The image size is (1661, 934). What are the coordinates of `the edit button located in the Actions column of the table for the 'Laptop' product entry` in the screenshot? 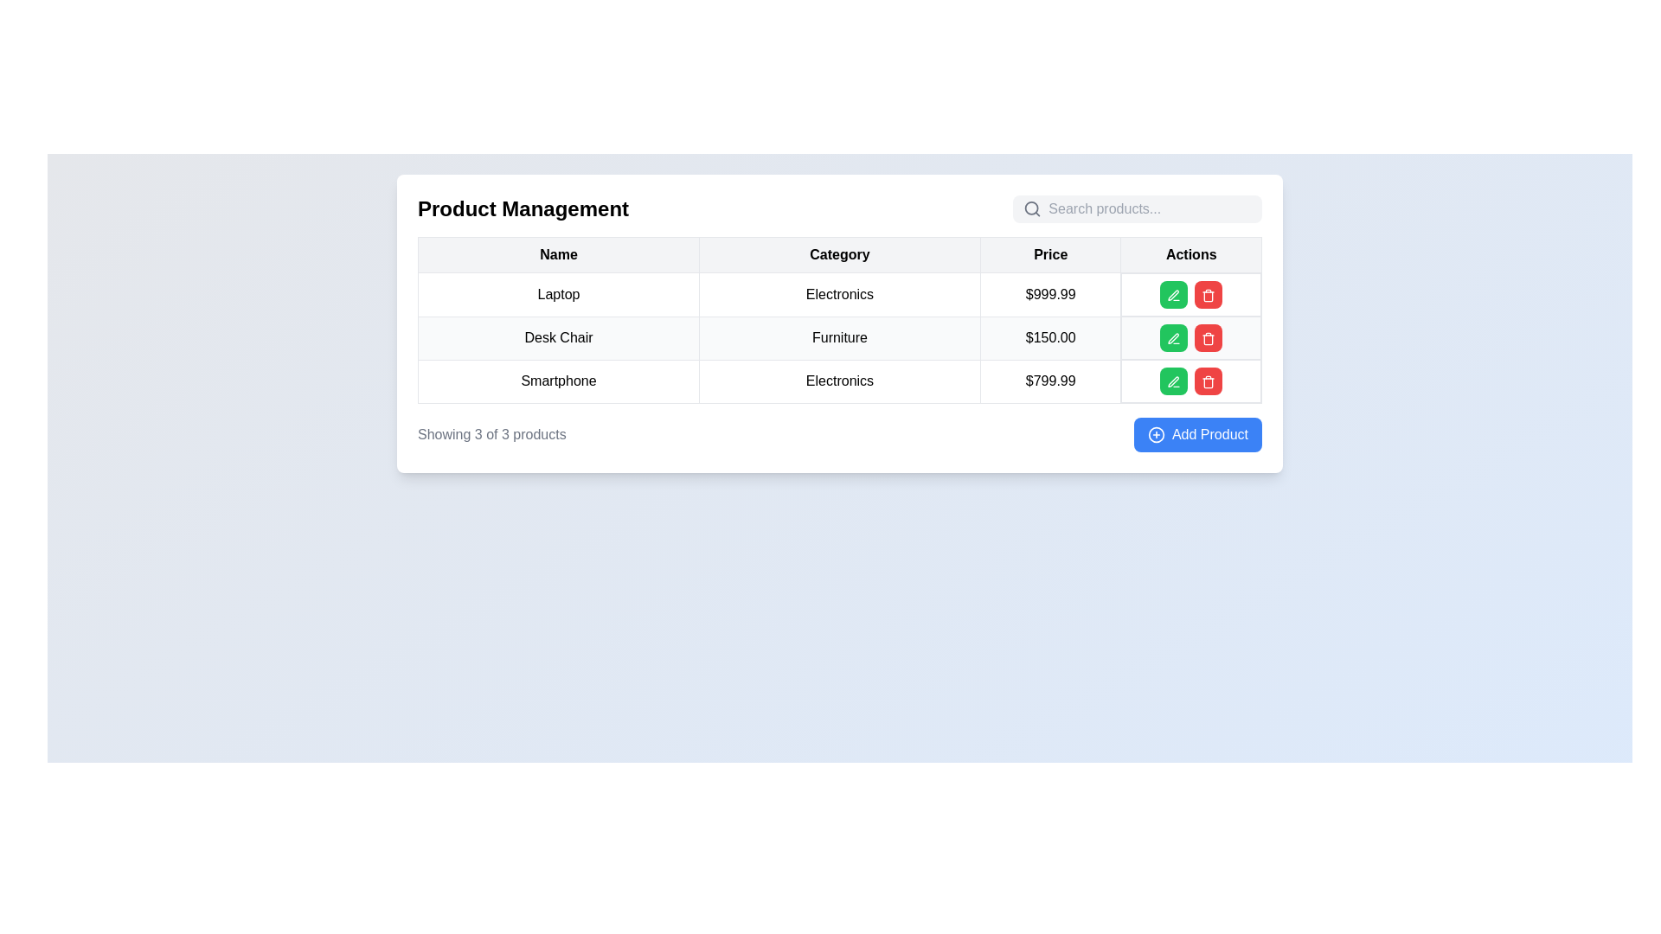 It's located at (1174, 293).